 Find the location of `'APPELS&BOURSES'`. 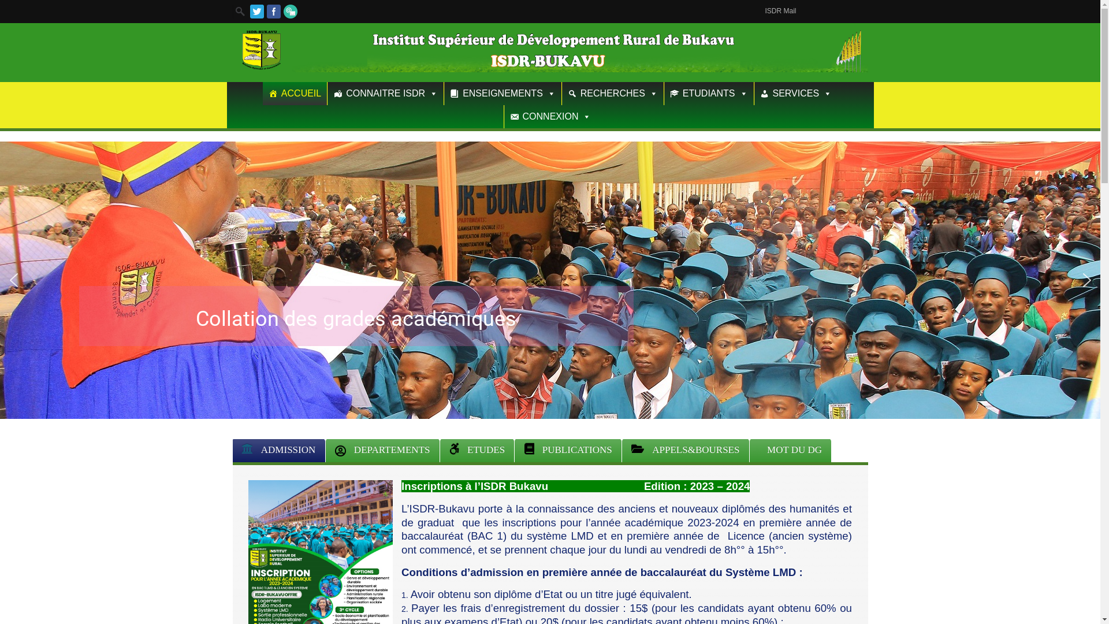

'APPELS&BOURSES' is located at coordinates (685, 450).